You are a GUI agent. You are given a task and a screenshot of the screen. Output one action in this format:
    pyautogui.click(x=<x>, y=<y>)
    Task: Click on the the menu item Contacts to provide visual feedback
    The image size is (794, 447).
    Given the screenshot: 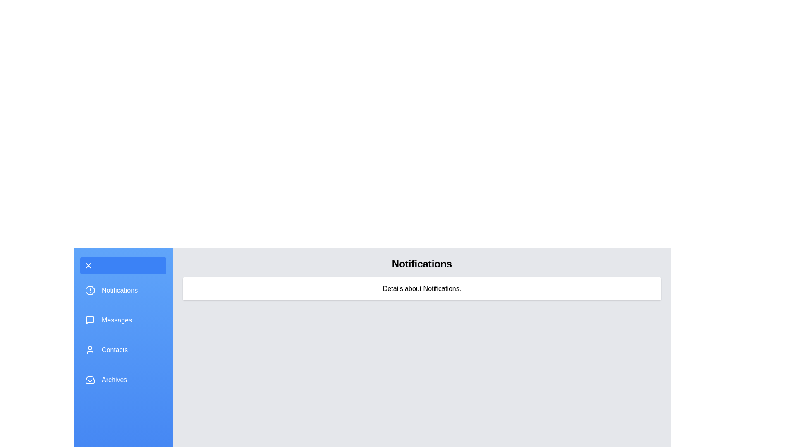 What is the action you would take?
    pyautogui.click(x=122, y=350)
    